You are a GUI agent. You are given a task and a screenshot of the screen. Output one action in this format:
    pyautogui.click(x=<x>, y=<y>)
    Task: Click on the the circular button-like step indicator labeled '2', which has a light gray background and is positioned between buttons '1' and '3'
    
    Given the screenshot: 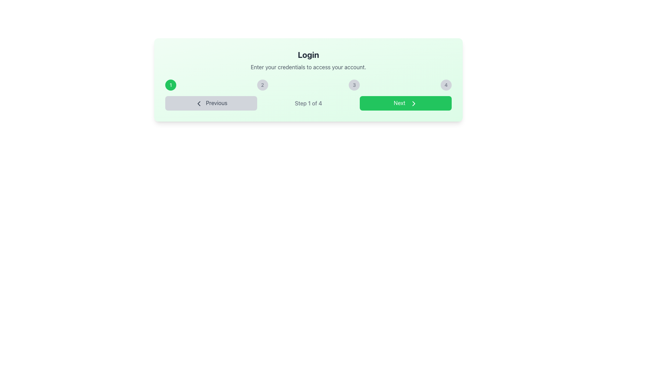 What is the action you would take?
    pyautogui.click(x=262, y=84)
    